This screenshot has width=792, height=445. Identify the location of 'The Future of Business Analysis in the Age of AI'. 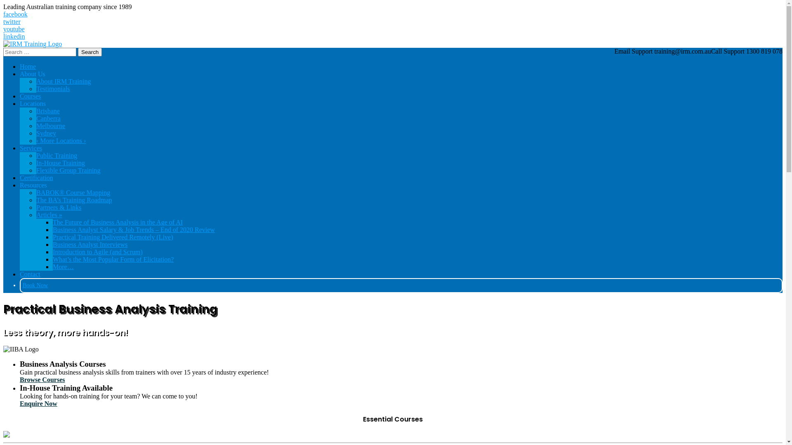
(117, 222).